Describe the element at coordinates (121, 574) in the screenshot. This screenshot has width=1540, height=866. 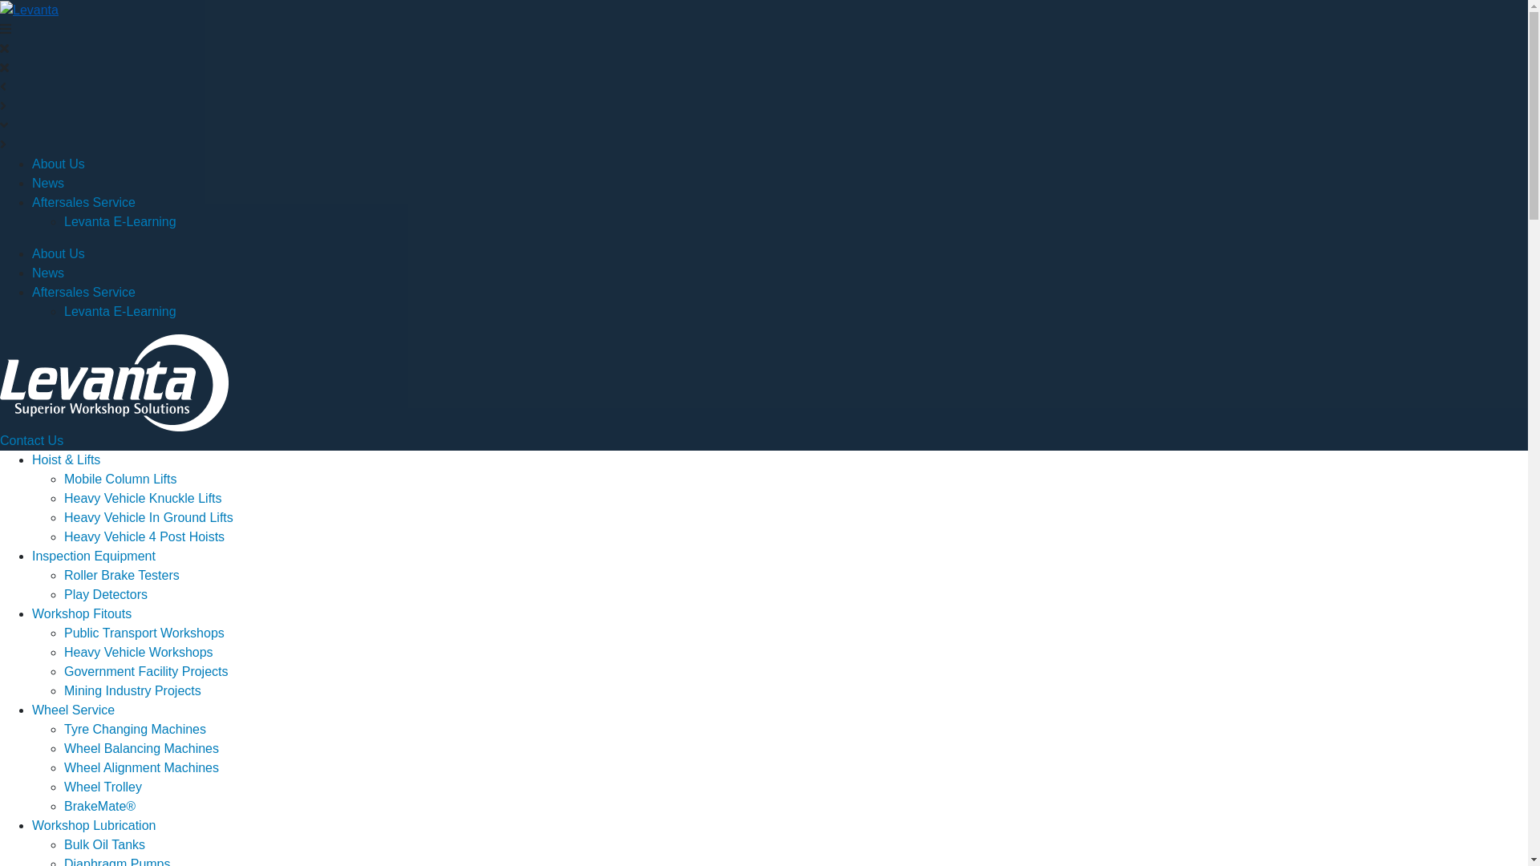
I see `'Roller Brake Testers'` at that location.